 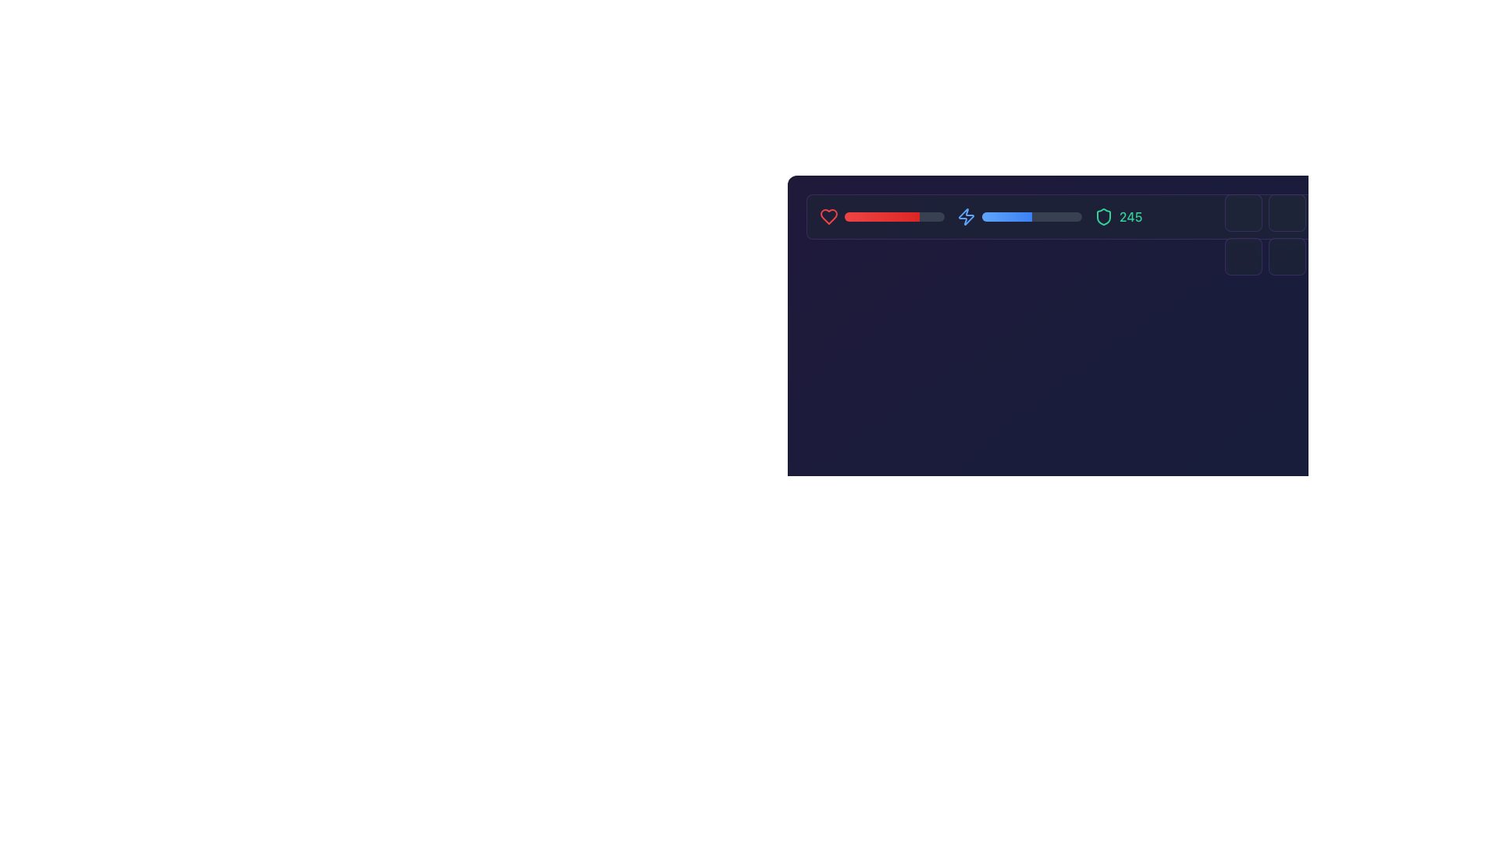 What do you see at coordinates (895, 216) in the screenshot?
I see `the progress bar located in the top-right area of the interface, adjacent to the heart icon, which visually represents a status or progress level` at bounding box center [895, 216].